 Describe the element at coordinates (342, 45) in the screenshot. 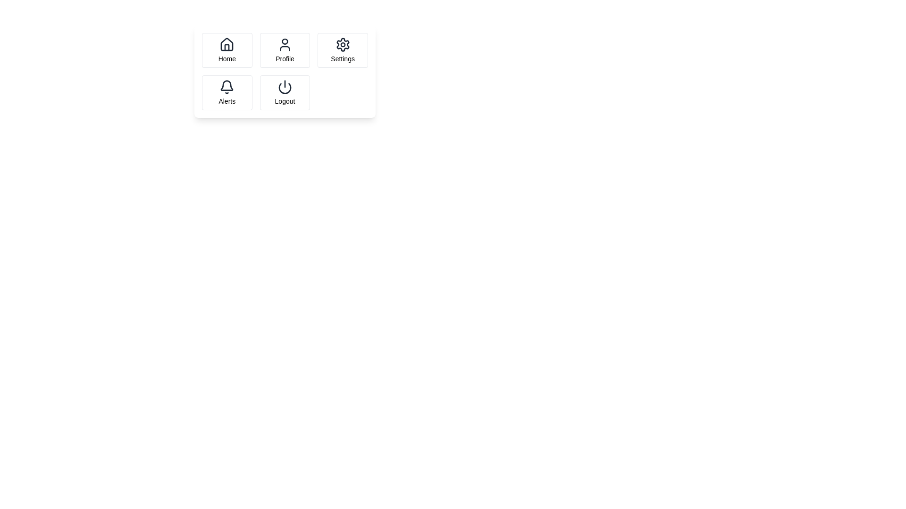

I see `the settings icon located at the top right corner of the grid of icons` at that location.